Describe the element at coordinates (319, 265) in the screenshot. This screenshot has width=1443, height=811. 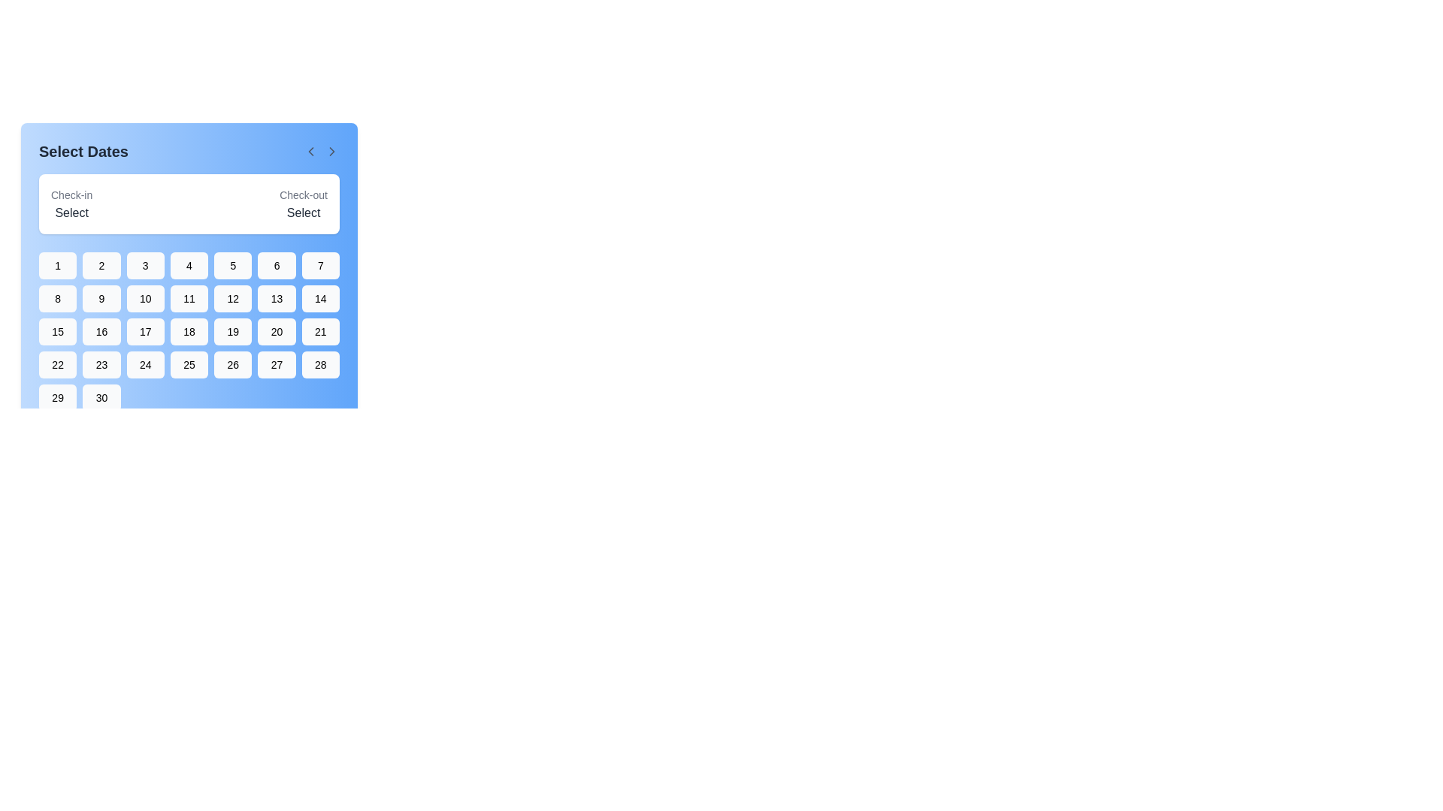
I see `the square button with rounded corners displaying the number '7' in bold black text, located at the top right of the grid layout` at that location.